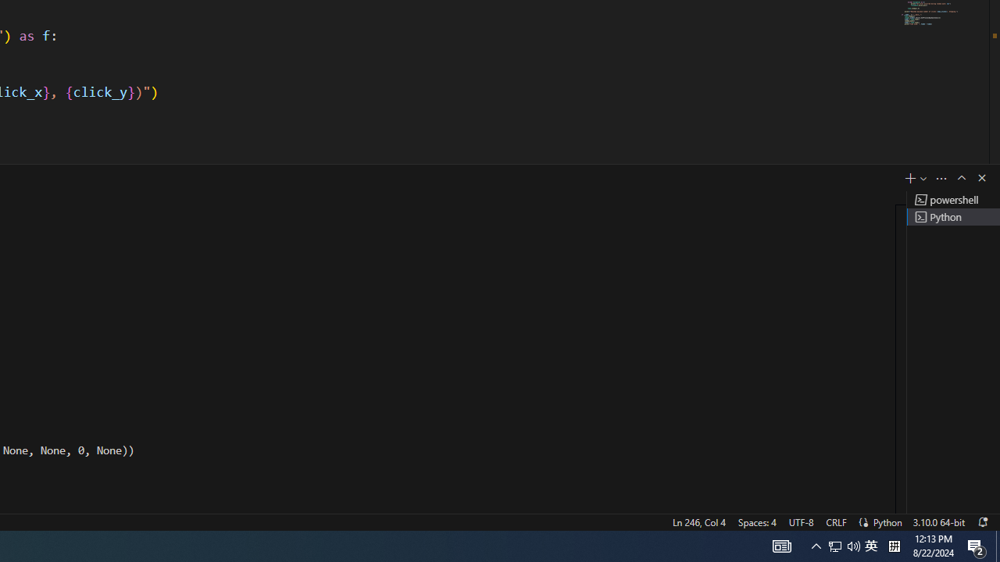 This screenshot has height=562, width=1000. Describe the element at coordinates (835, 521) in the screenshot. I see `'CRLF'` at that location.